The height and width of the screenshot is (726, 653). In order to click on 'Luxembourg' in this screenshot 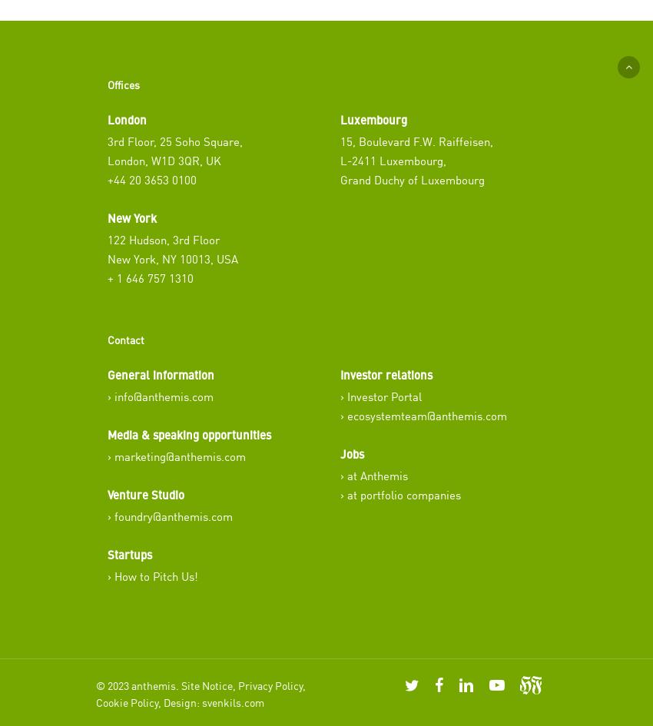, I will do `click(373, 121)`.